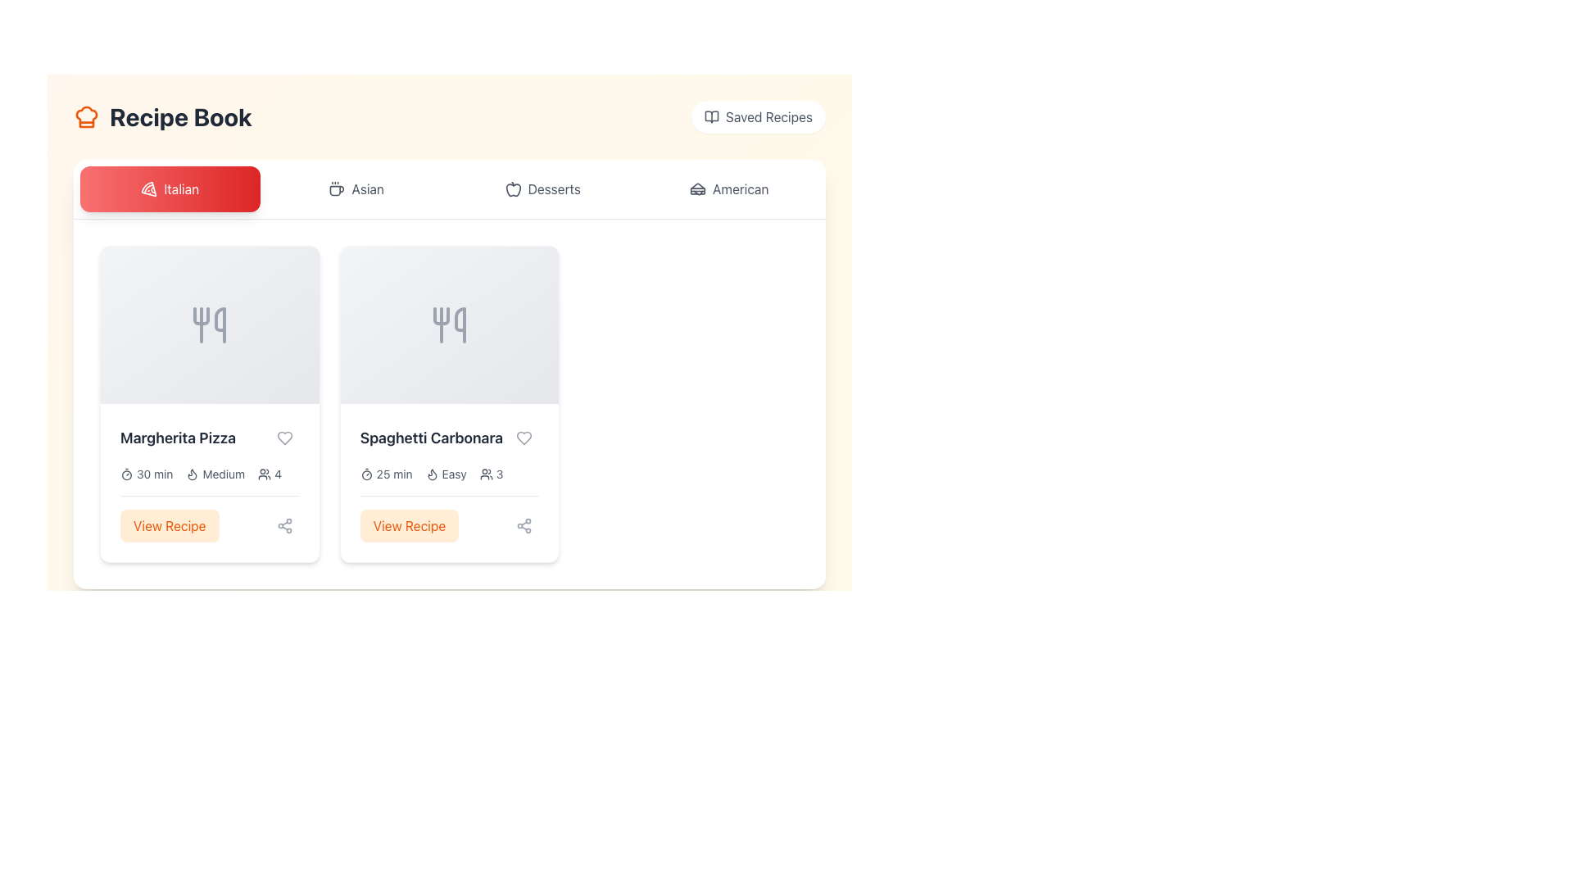 This screenshot has height=885, width=1573. What do you see at coordinates (215, 474) in the screenshot?
I see `the 'Medium' text with the flame icon located within the 'Margherita Pizza' card, positioned between the '30 min' and '4' details at the bottom center of the card` at bounding box center [215, 474].